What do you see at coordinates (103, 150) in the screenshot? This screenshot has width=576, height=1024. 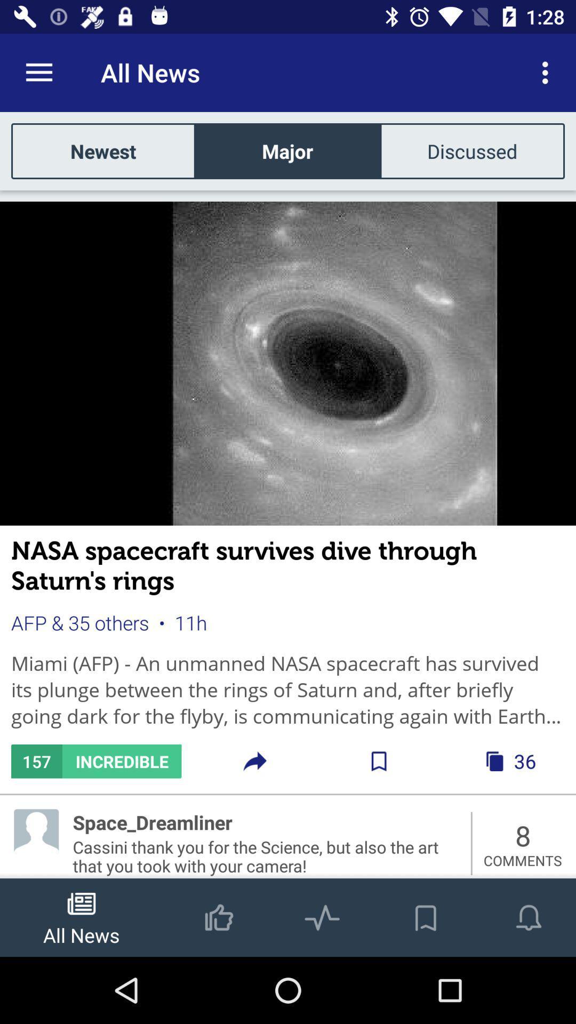 I see `newest which is beside major` at bounding box center [103, 150].